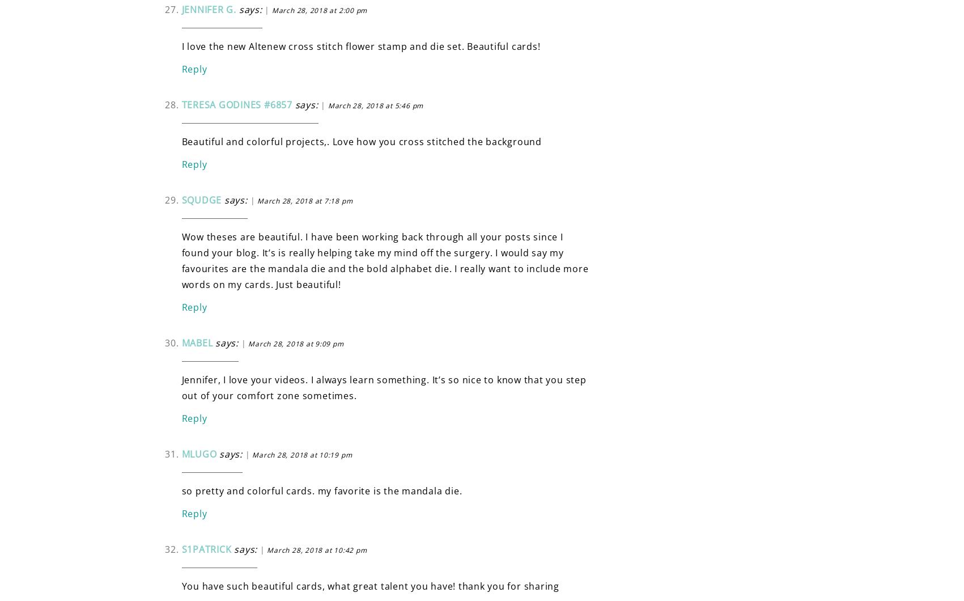 This screenshot has width=964, height=601. Describe the element at coordinates (181, 386) in the screenshot. I see `'Jennifer, I love your videos. I always learn something. It’s so nice to know that you step out of your comfort zone sometimes.'` at that location.